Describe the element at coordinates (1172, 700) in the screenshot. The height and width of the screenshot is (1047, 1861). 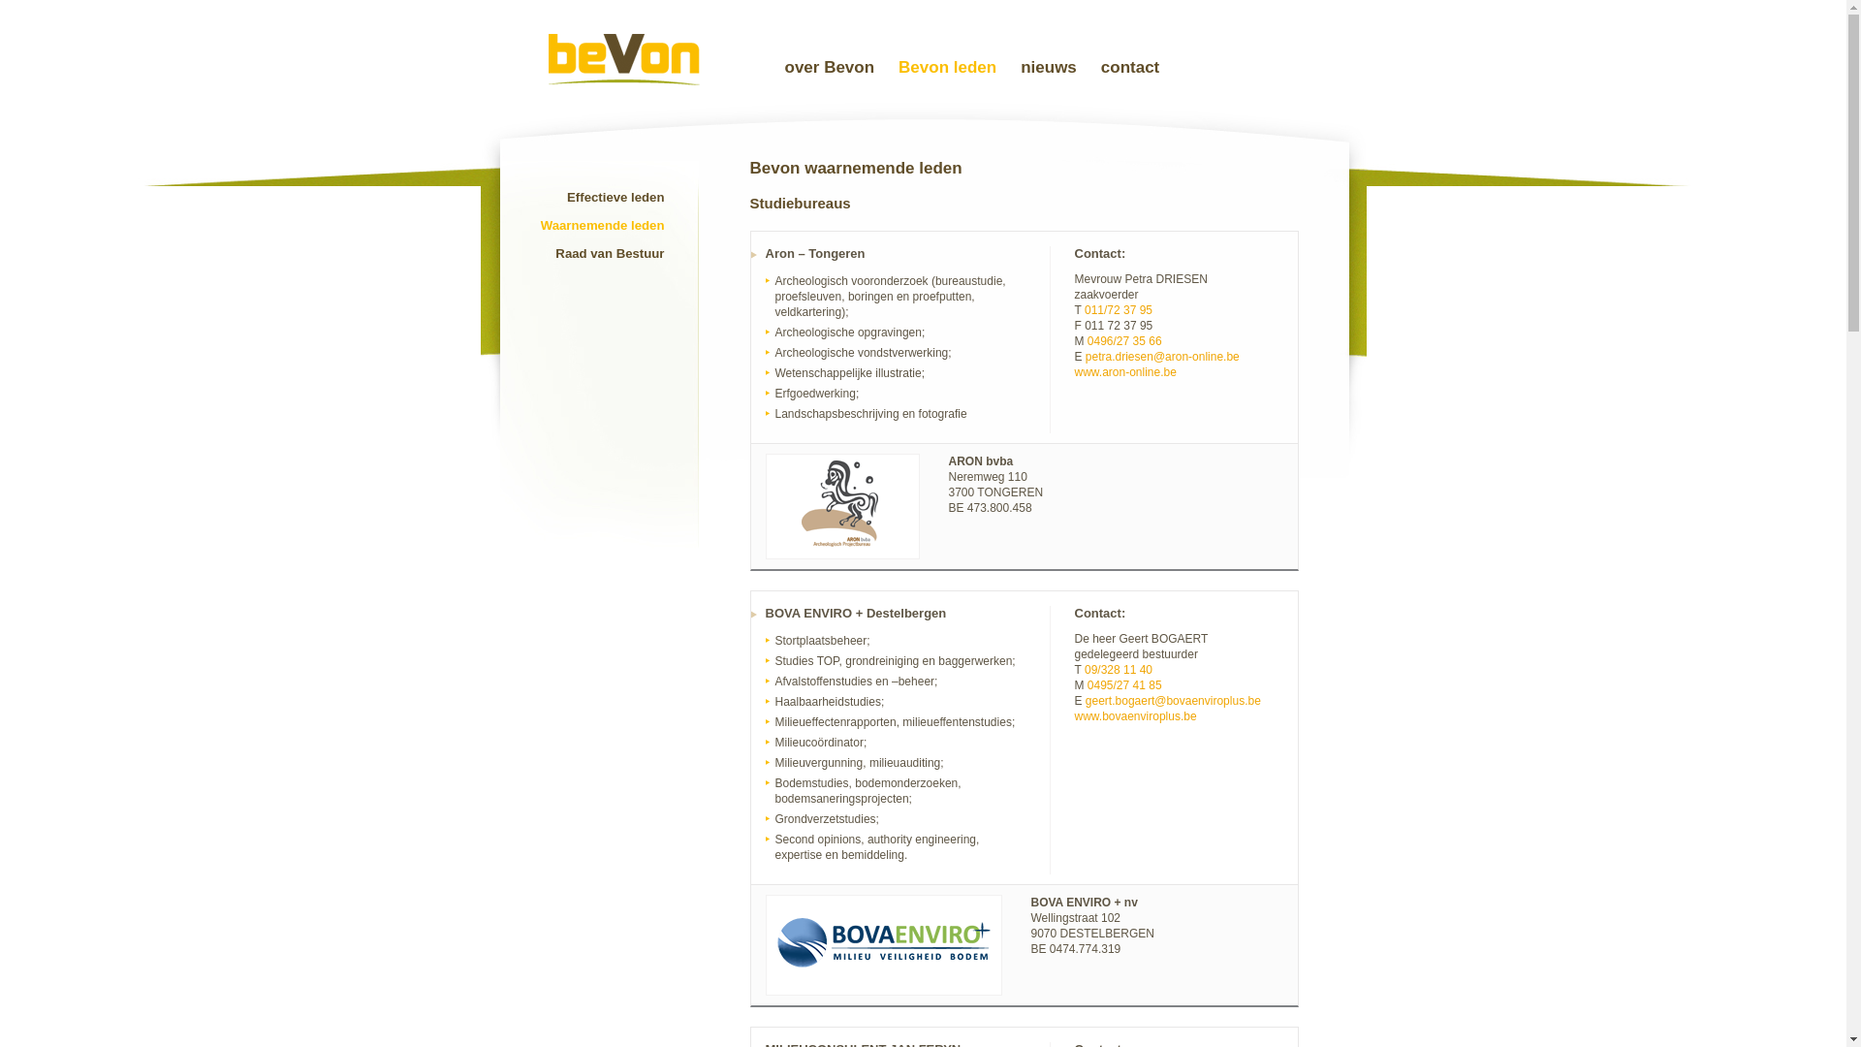
I see `'geert.bogaert@bovaenviroplus.be'` at that location.